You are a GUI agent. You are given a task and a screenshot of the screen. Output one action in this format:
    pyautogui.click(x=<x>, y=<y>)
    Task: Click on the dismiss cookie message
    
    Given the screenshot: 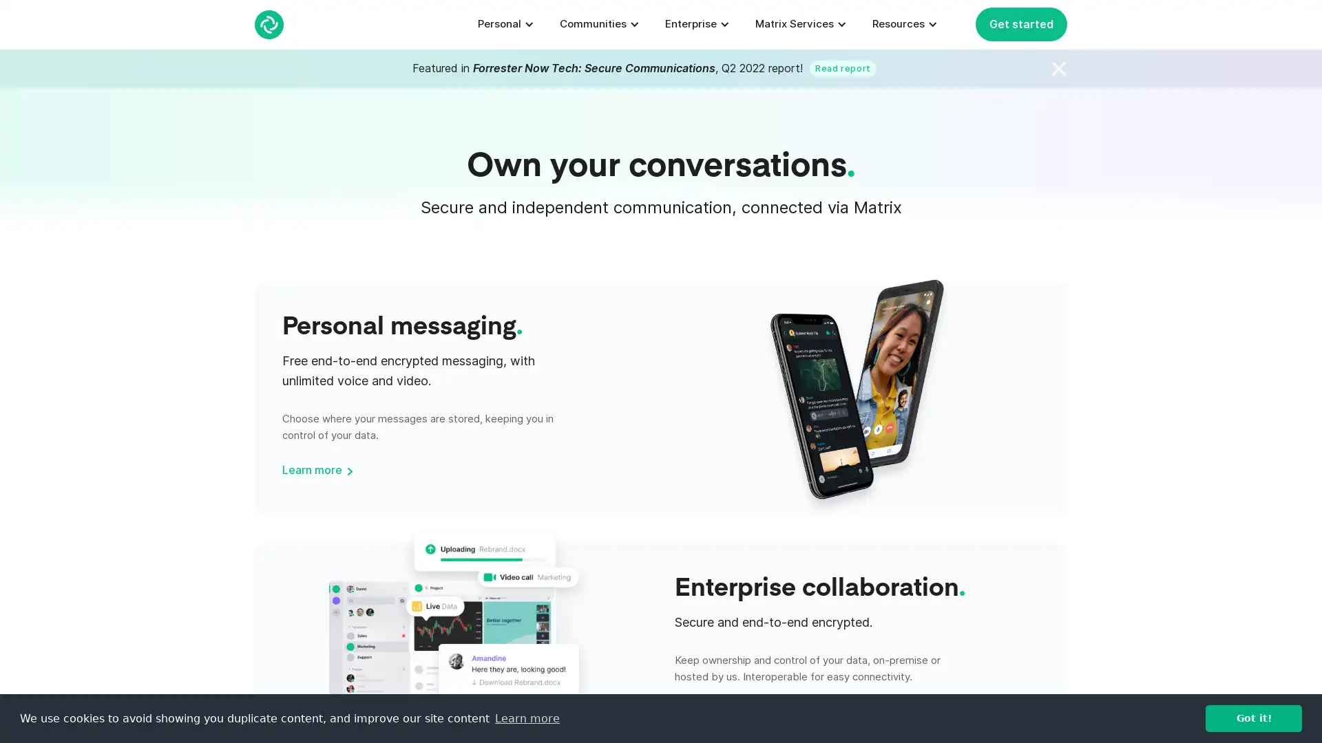 What is the action you would take?
    pyautogui.click(x=1253, y=718)
    